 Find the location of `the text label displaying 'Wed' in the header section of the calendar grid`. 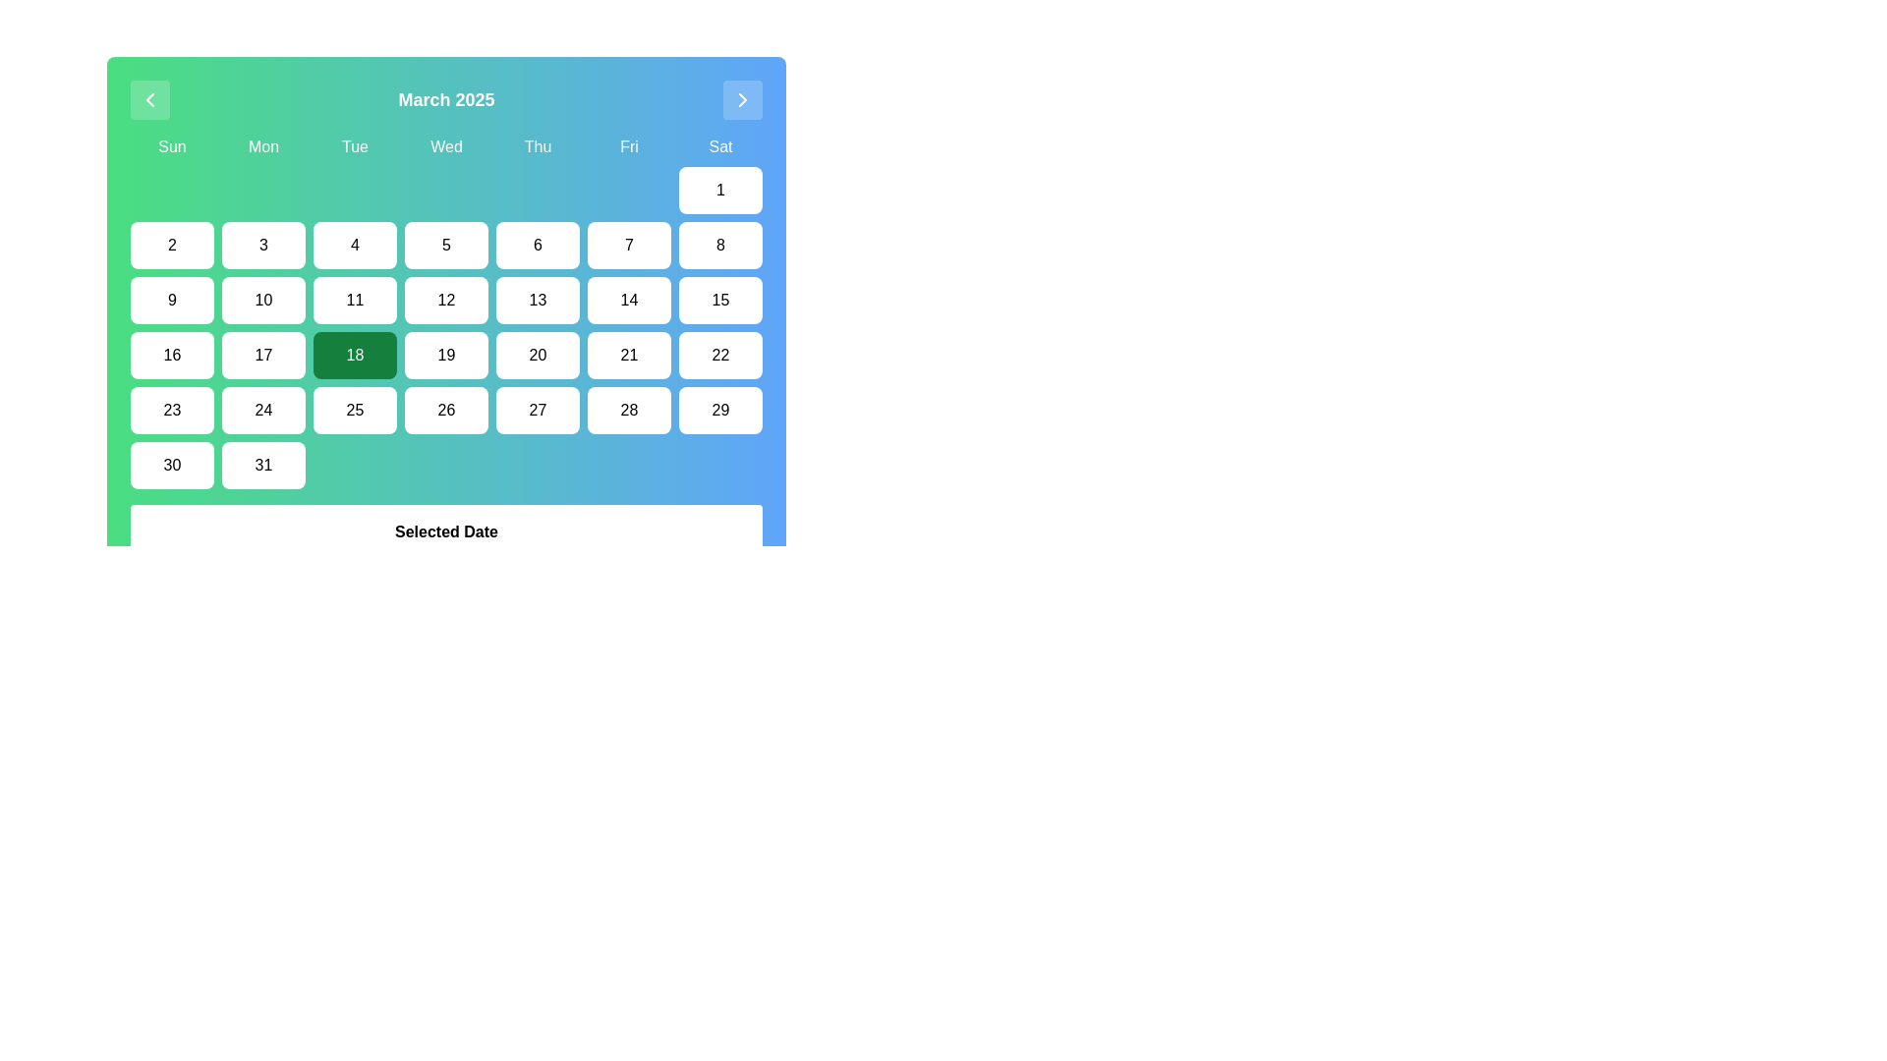

the text label displaying 'Wed' in the header section of the calendar grid is located at coordinates (445, 146).